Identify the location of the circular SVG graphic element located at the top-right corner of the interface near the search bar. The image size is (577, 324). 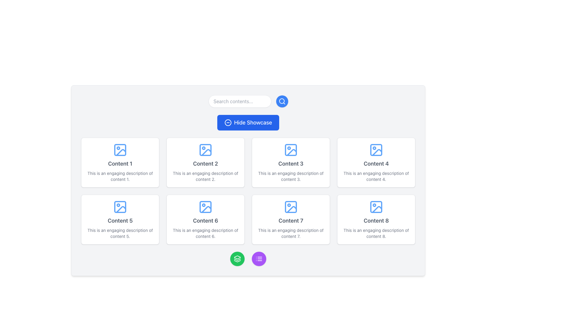
(281, 100).